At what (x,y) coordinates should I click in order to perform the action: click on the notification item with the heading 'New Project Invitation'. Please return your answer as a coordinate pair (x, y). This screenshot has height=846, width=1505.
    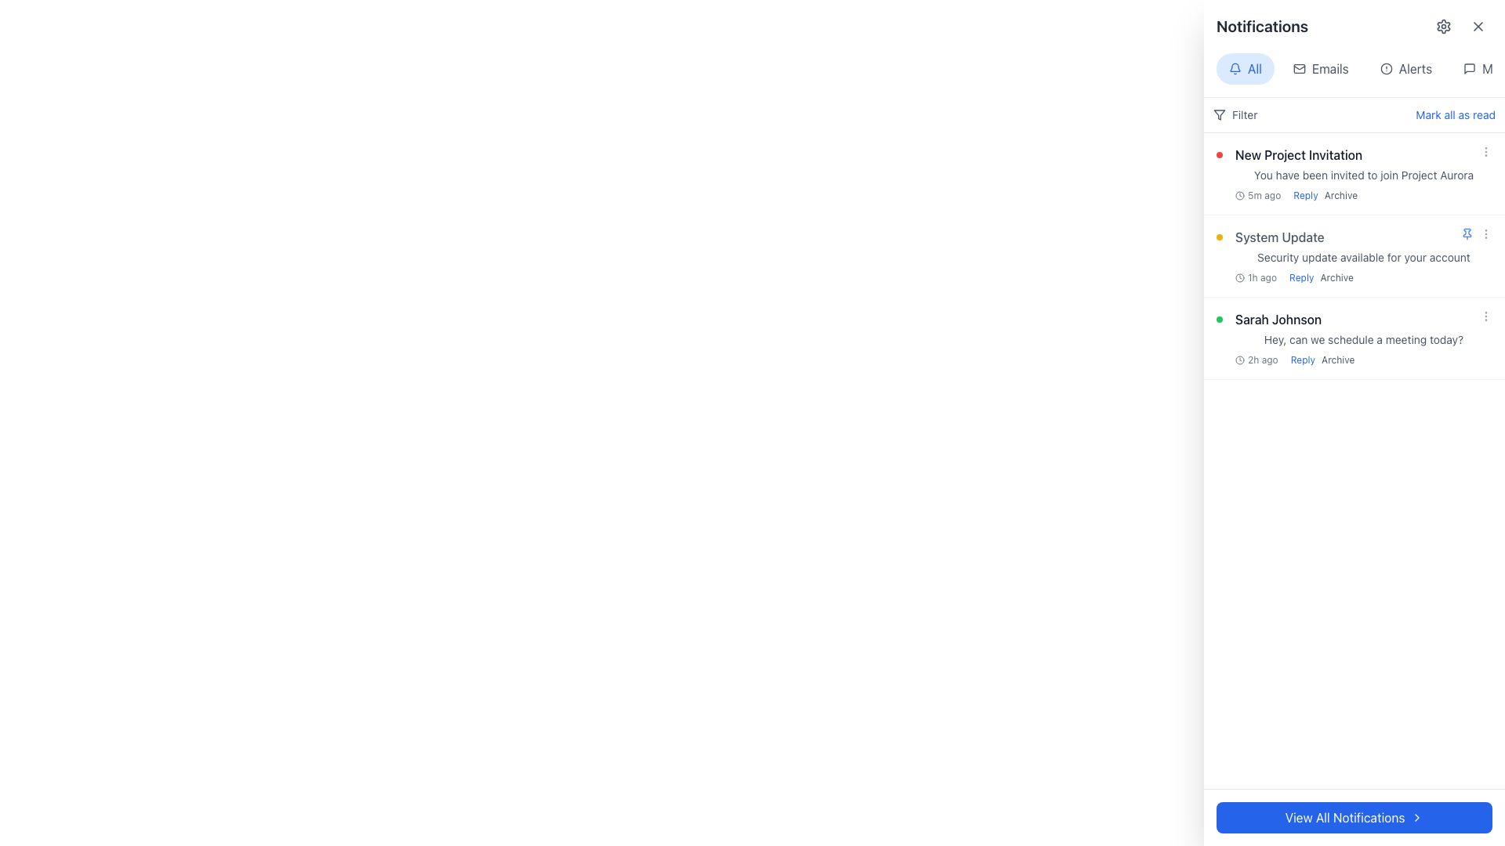
    Looking at the image, I should click on (1362, 174).